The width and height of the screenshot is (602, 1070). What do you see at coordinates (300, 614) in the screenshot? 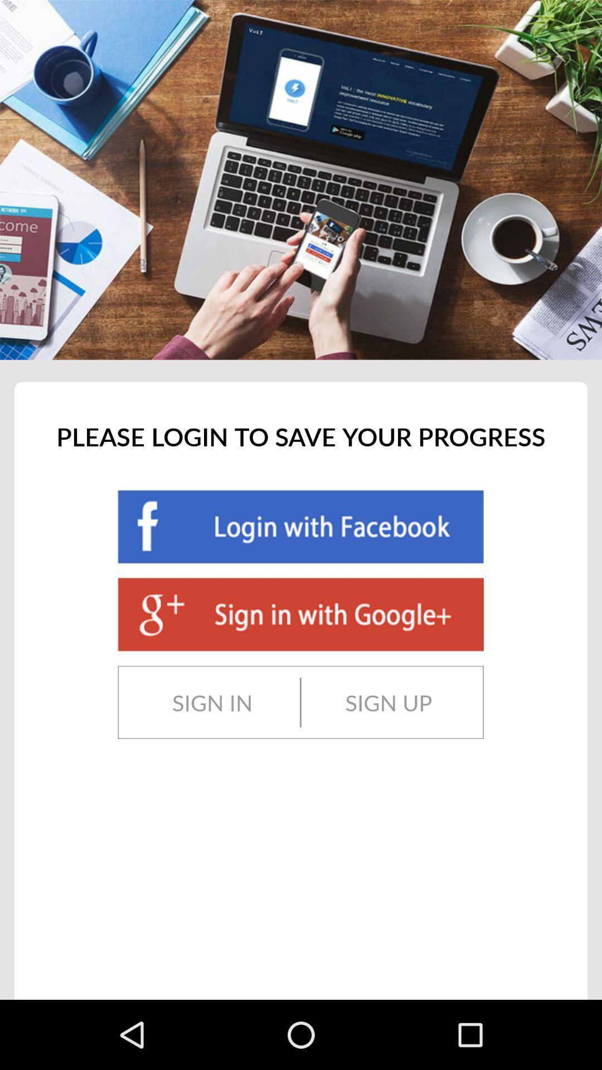
I see `sign into google account` at bounding box center [300, 614].